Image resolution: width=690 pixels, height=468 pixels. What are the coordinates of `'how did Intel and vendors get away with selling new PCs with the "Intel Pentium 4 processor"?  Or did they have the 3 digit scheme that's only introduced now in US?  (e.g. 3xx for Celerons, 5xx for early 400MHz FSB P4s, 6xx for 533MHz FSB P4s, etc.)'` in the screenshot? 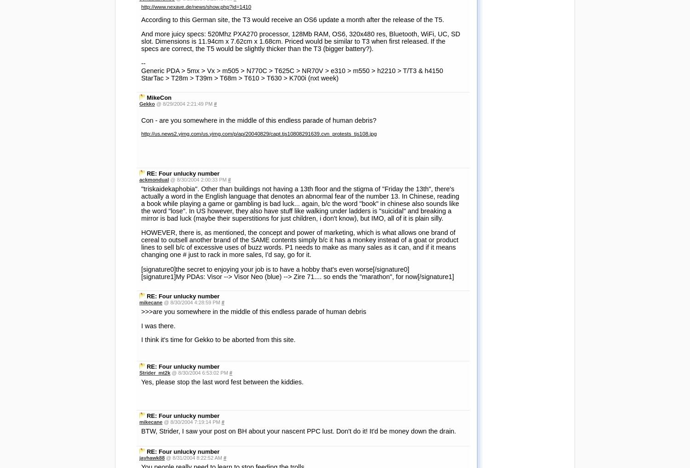 It's located at (299, 359).